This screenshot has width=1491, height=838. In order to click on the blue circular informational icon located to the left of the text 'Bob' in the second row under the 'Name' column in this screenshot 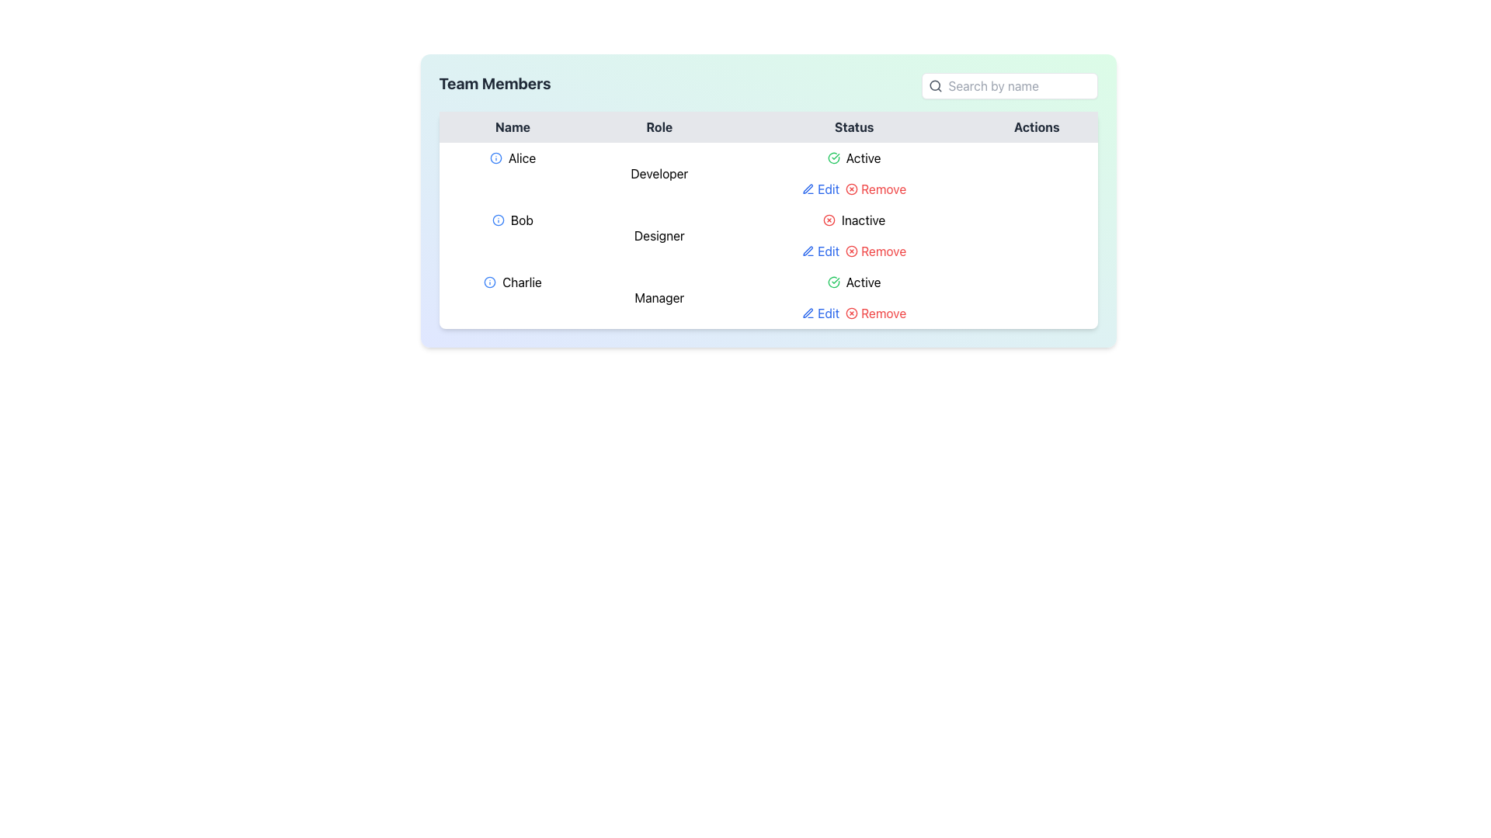, I will do `click(499, 220)`.